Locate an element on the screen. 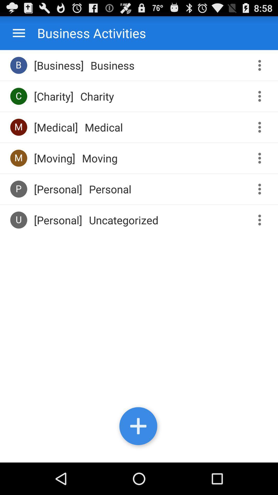 The height and width of the screenshot is (495, 278). charity information toggle is located at coordinates (261, 96).